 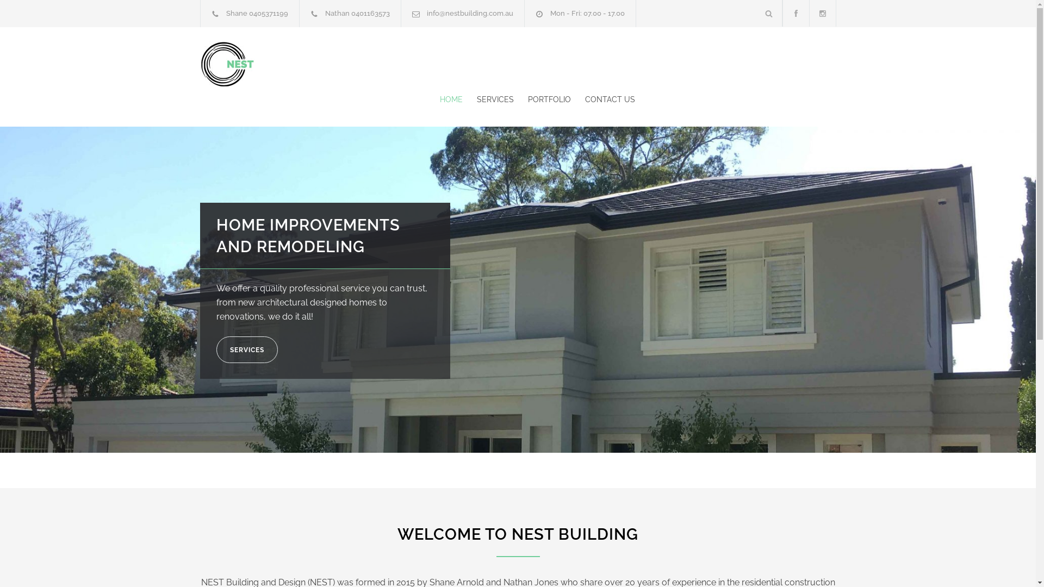 What do you see at coordinates (487, 99) in the screenshot?
I see `'SERVICES'` at bounding box center [487, 99].